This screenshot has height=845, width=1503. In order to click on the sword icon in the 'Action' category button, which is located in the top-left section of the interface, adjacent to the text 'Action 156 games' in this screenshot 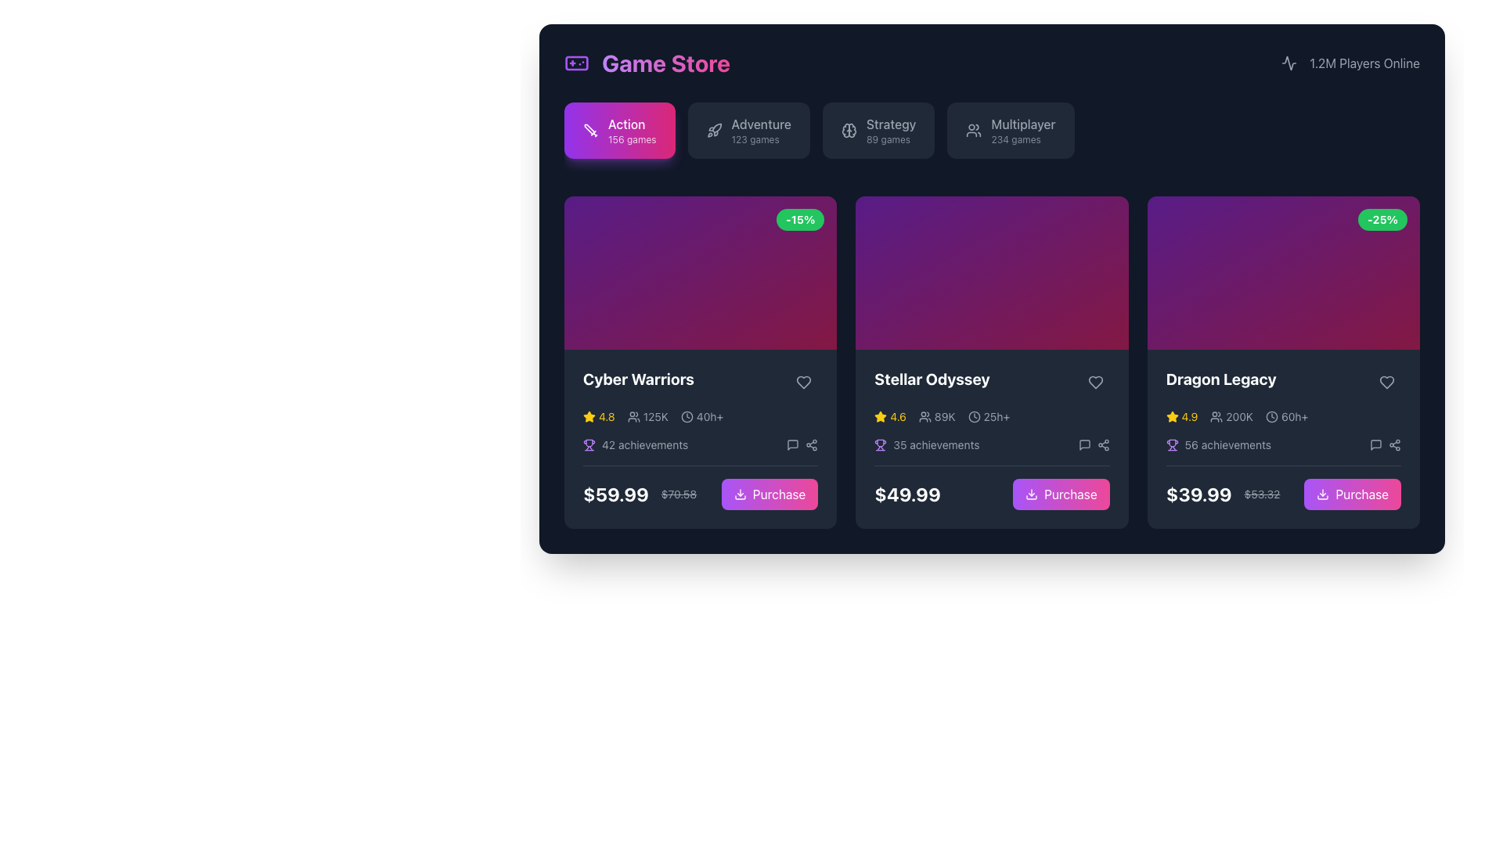, I will do `click(589, 129)`.